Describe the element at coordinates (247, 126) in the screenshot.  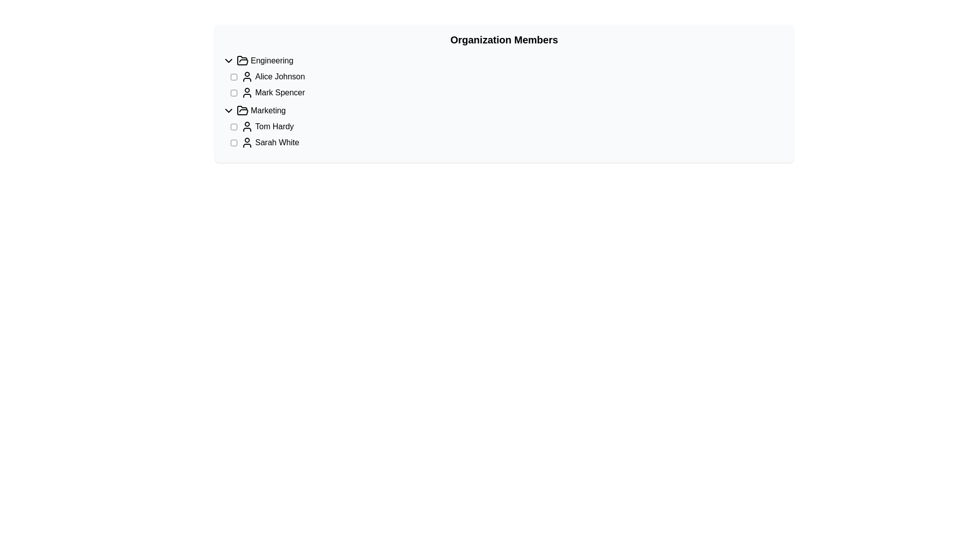
I see `the User profile icon located left of the text 'Tom Hardy' and adjacent to a checkbox` at that location.